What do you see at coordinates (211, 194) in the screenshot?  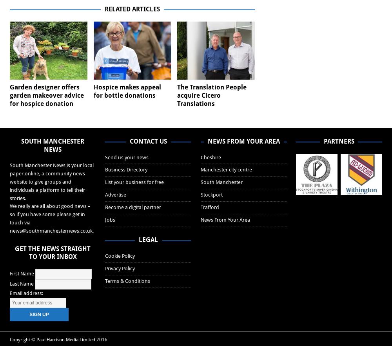 I see `'Stockport'` at bounding box center [211, 194].